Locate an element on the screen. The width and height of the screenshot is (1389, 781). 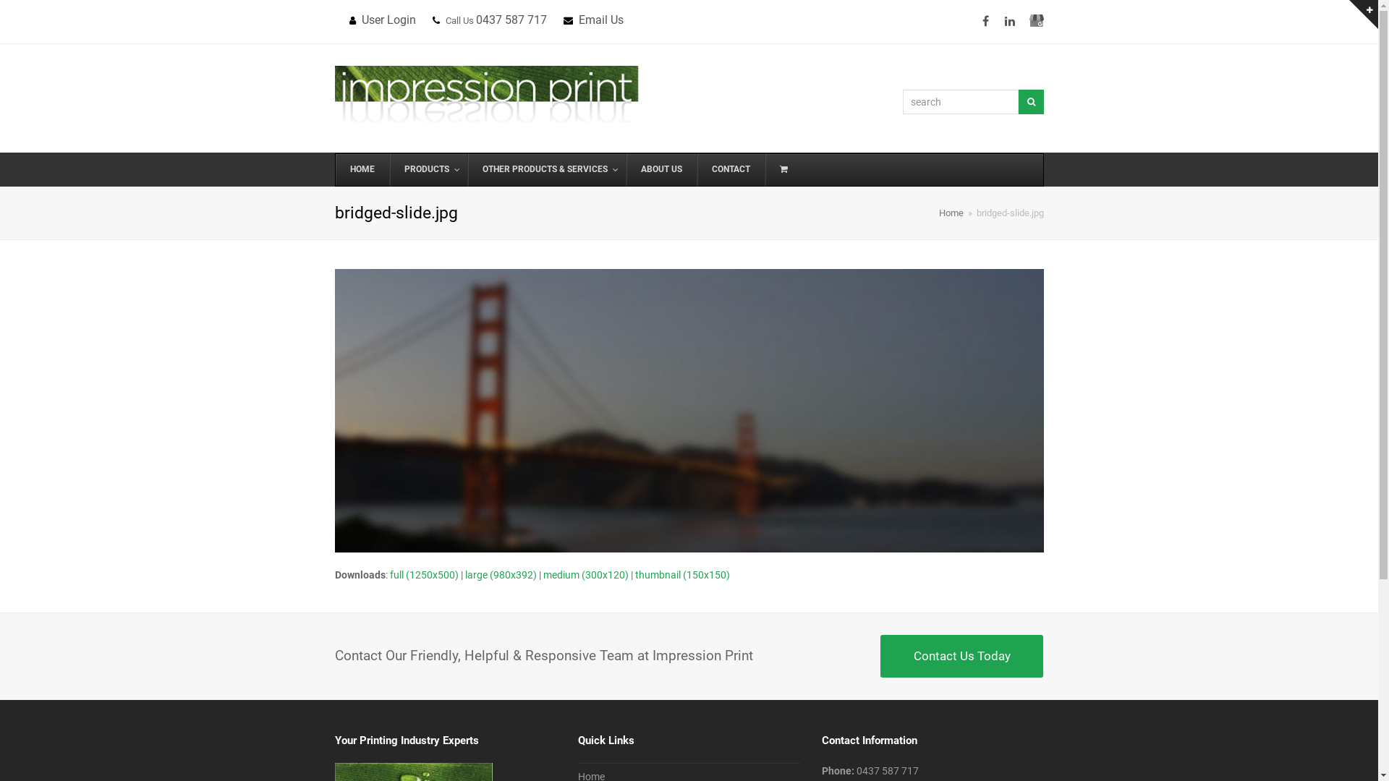
'OTHER PRODUCTS & SERVICES' is located at coordinates (545, 169).